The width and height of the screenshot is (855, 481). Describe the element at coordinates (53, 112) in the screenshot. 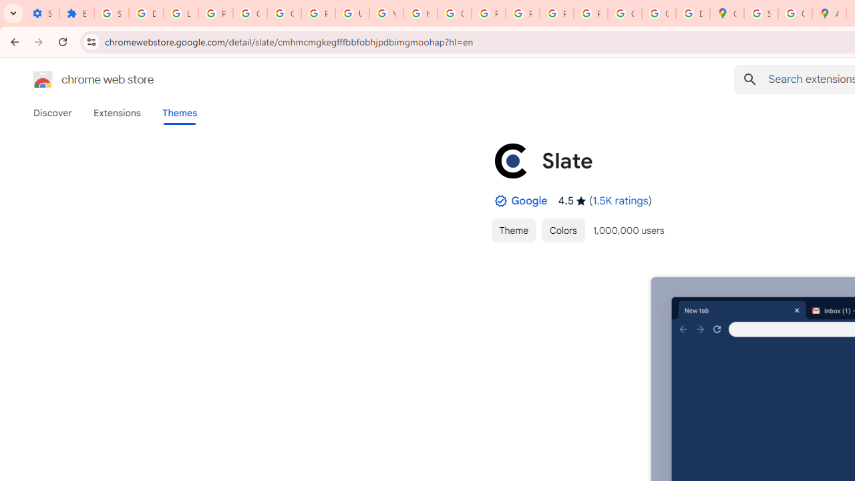

I see `'Discover'` at that location.